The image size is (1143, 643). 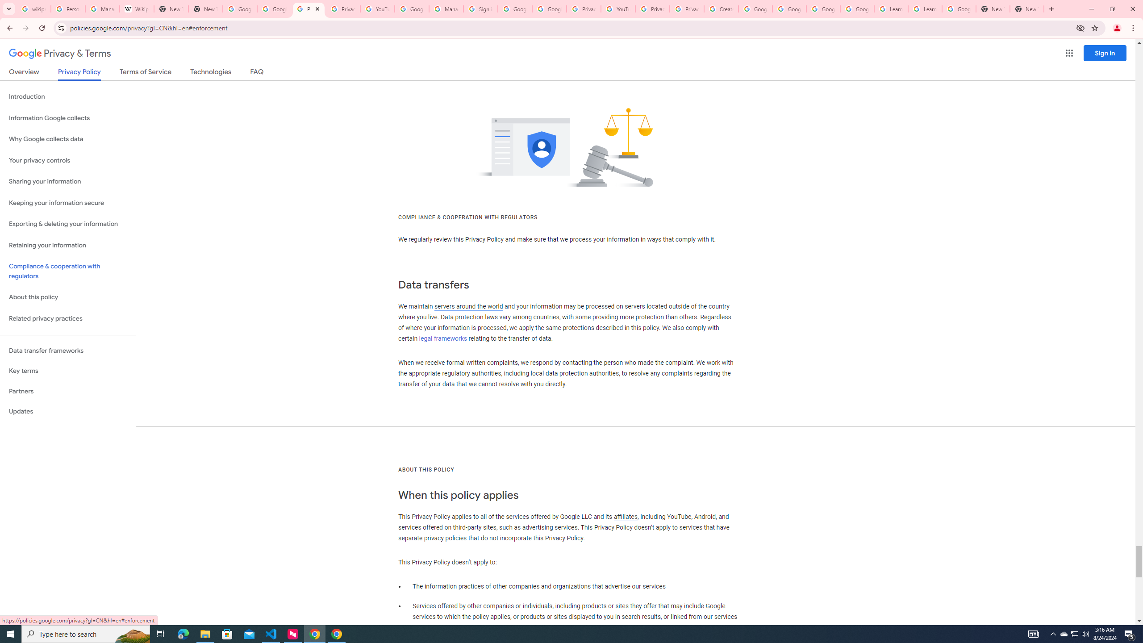 What do you see at coordinates (102, 8) in the screenshot?
I see `'Manage your Location History - Google Search Help'` at bounding box center [102, 8].